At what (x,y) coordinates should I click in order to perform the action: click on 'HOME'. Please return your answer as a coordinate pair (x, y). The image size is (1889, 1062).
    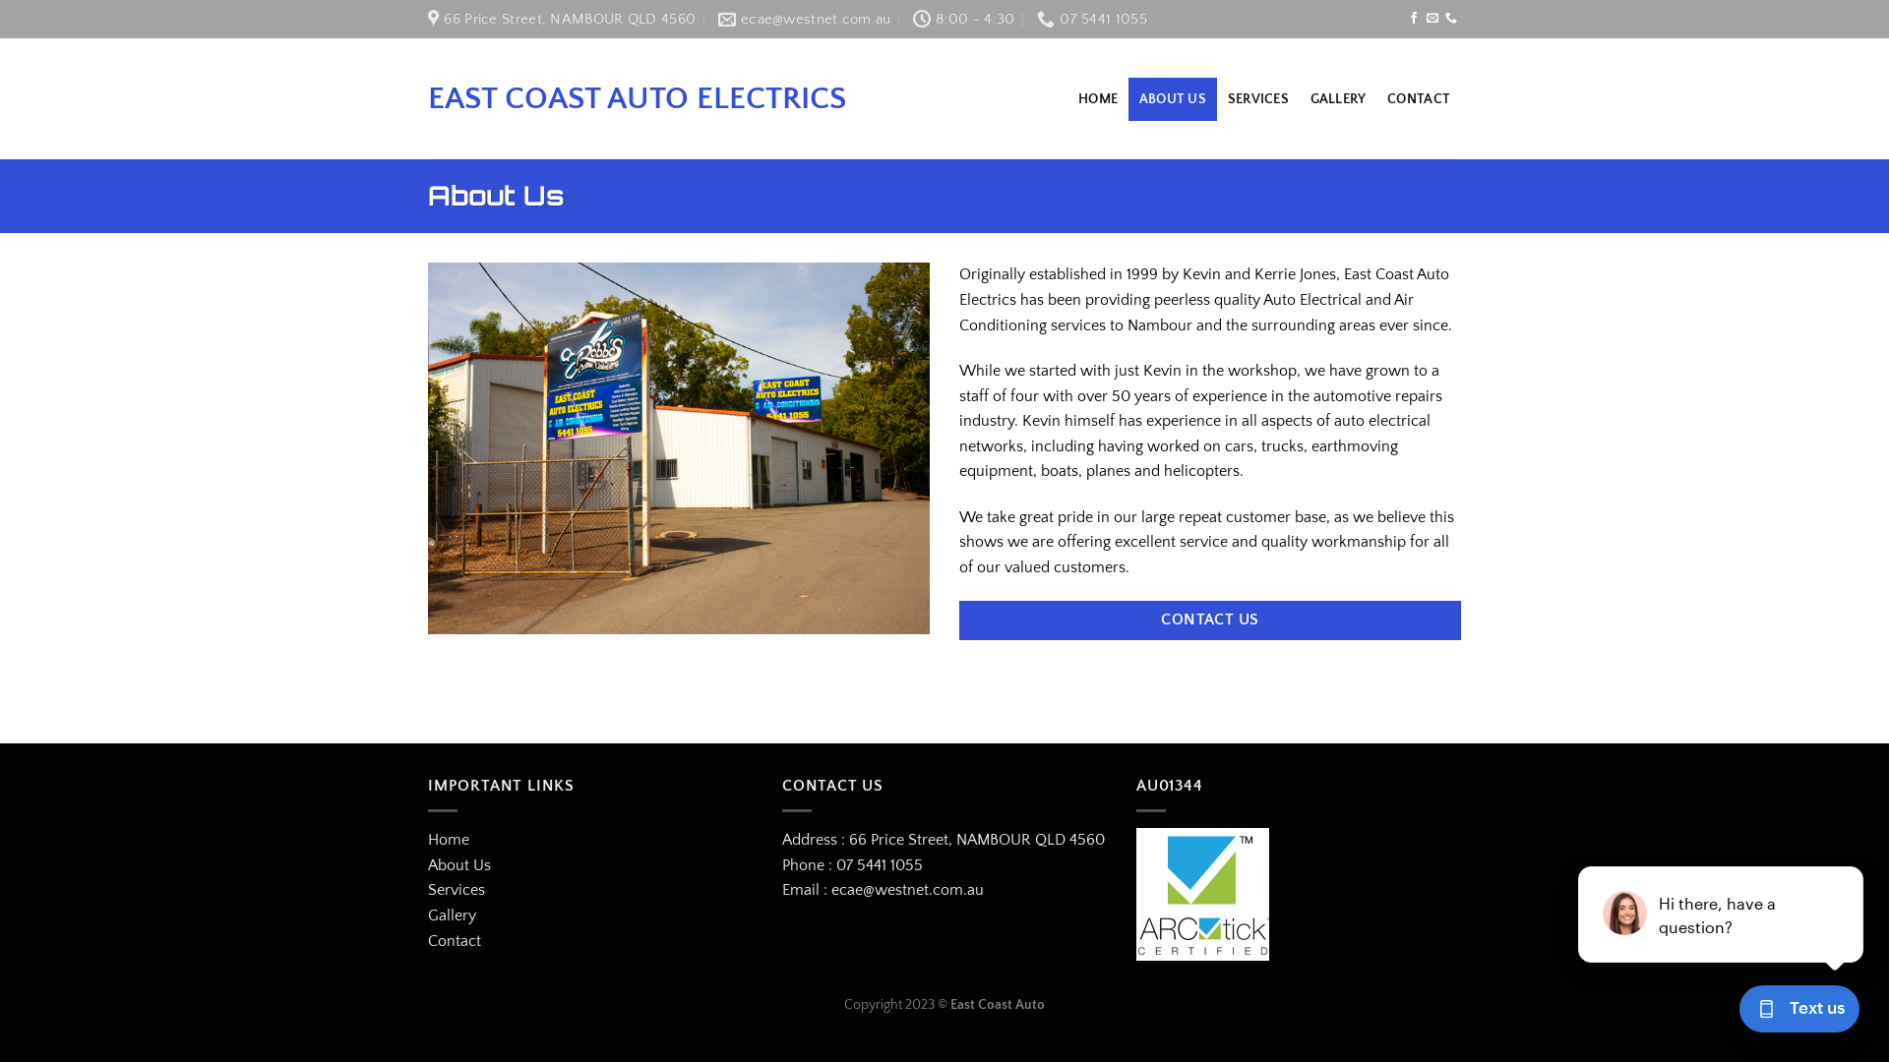
    Looking at the image, I should click on (1066, 98).